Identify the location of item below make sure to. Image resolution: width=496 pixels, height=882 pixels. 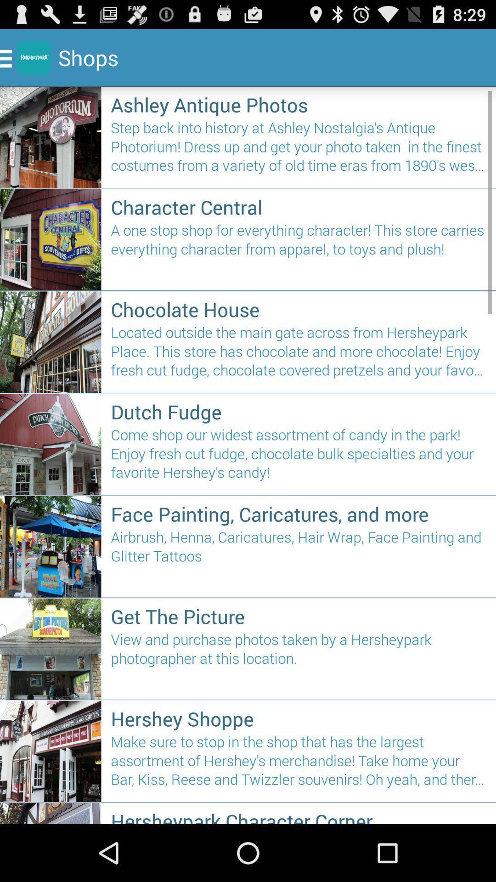
(299, 816).